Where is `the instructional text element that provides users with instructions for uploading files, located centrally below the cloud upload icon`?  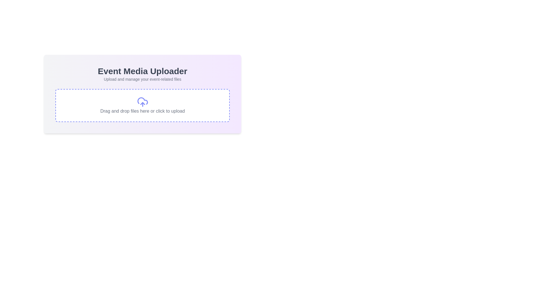
the instructional text element that provides users with instructions for uploading files, located centrally below the cloud upload icon is located at coordinates (142, 111).